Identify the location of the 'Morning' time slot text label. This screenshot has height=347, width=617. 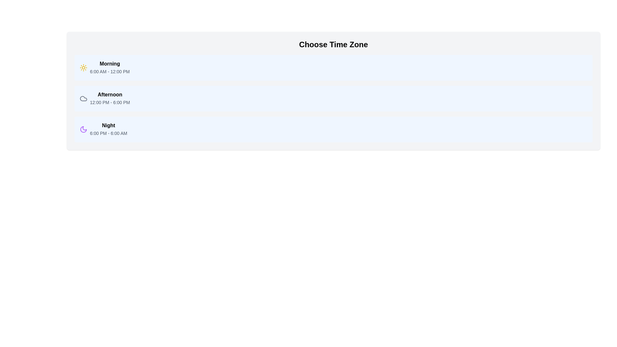
(110, 68).